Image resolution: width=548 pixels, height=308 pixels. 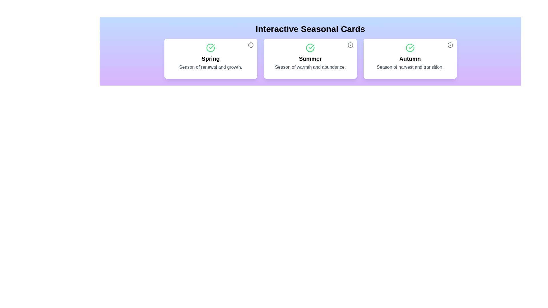 I want to click on the confirmation icon located at the top-left of the 'Autumn' card, which indicates a success status, so click(x=410, y=48).